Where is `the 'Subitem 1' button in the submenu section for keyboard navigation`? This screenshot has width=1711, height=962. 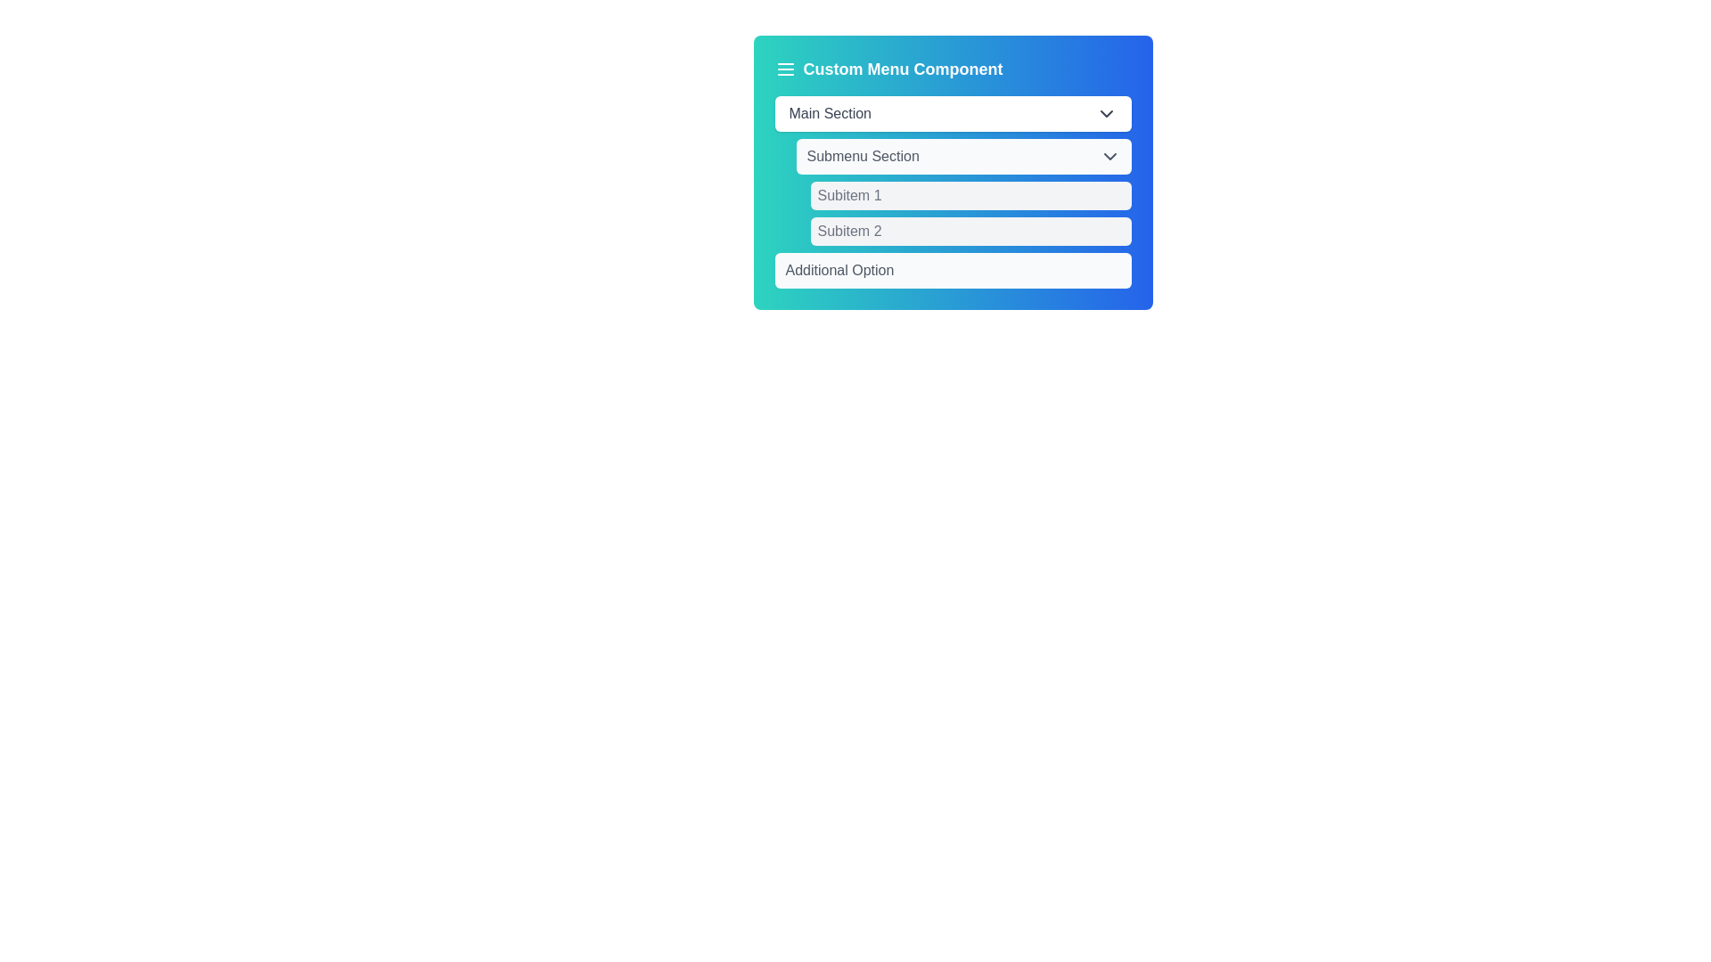
the 'Subitem 1' button in the submenu section for keyboard navigation is located at coordinates (970, 195).